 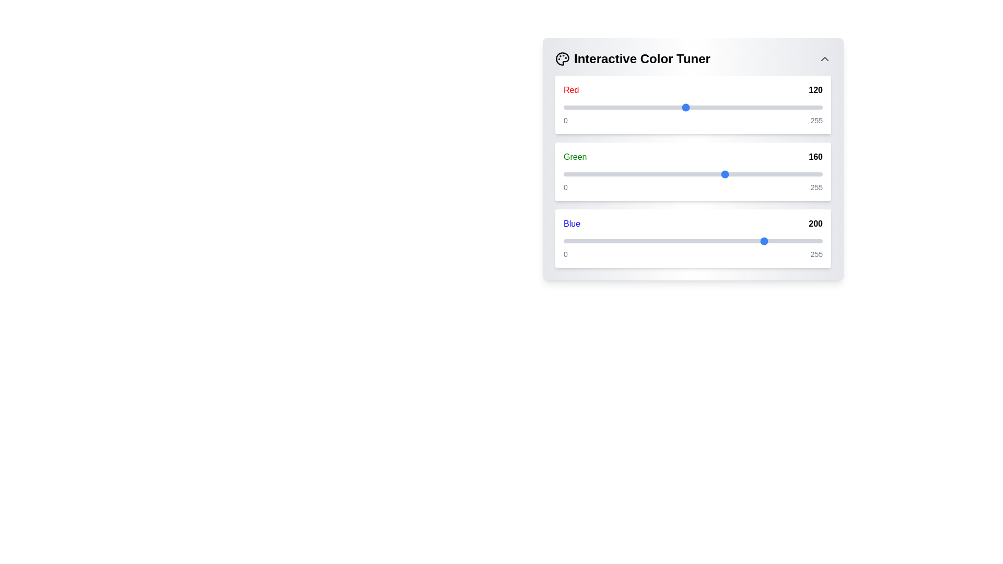 What do you see at coordinates (763, 107) in the screenshot?
I see `the red color intensity` at bounding box center [763, 107].